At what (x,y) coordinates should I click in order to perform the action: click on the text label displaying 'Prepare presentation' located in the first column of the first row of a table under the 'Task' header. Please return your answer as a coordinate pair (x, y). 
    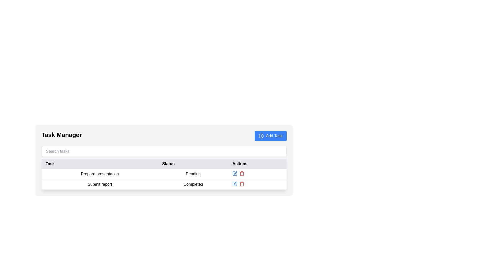
    Looking at the image, I should click on (100, 174).